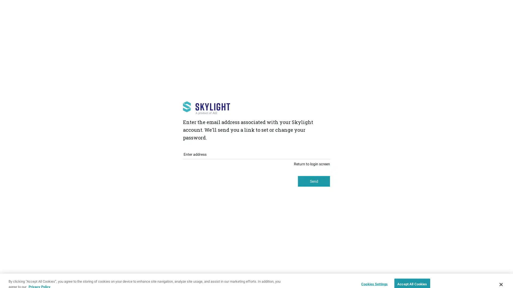 The height and width of the screenshot is (288, 513). I want to click on Send, so click(314, 181).